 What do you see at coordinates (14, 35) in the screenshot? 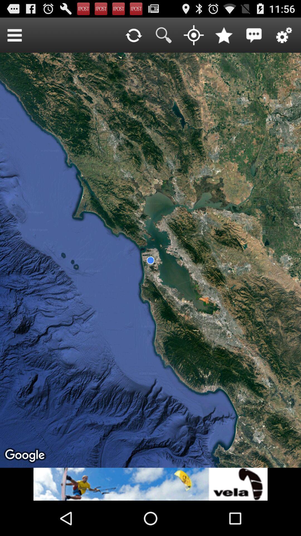
I see `the icon at the top left corner` at bounding box center [14, 35].